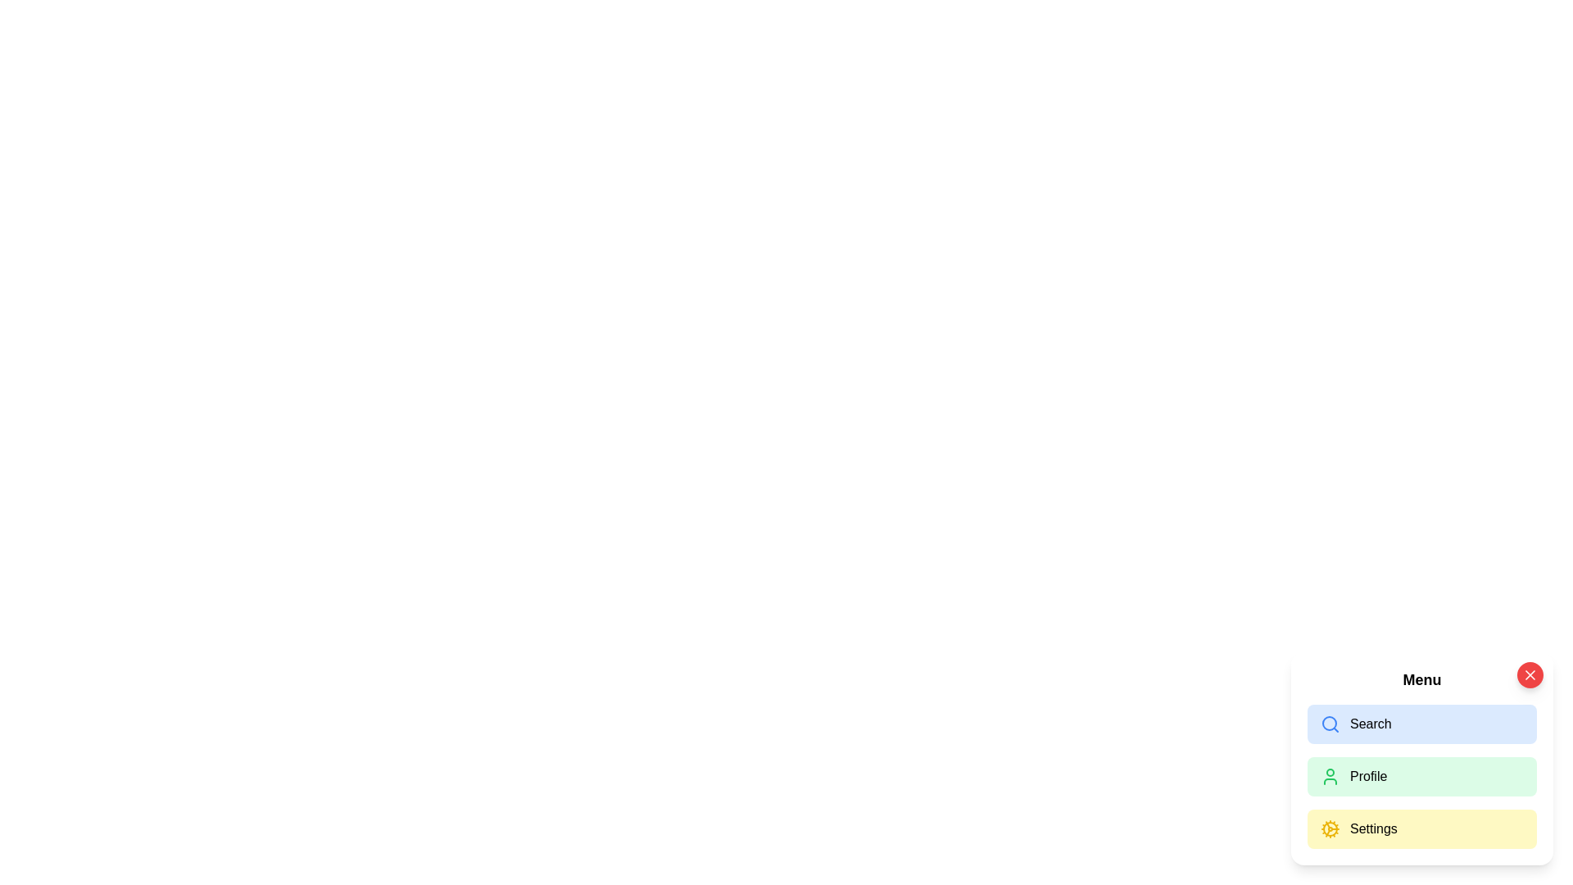  What do you see at coordinates (1368, 776) in the screenshot?
I see `'Profile' text label located in the second row of the vertical menu, which is styled with standard text appearance and has a light green background` at bounding box center [1368, 776].